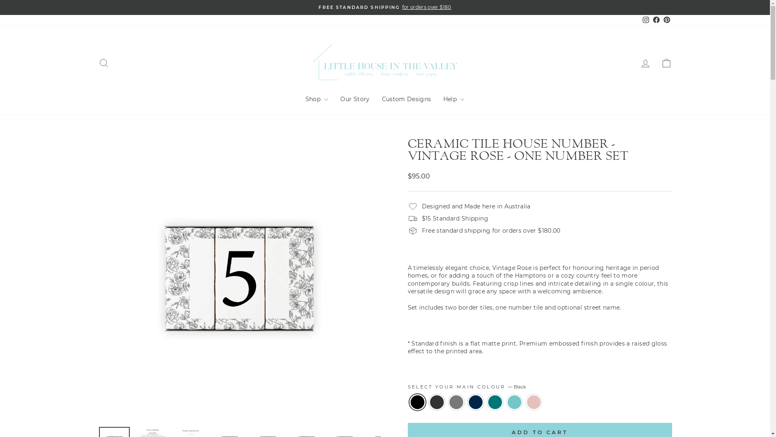  Describe the element at coordinates (645, 63) in the screenshot. I see `'account` at that location.